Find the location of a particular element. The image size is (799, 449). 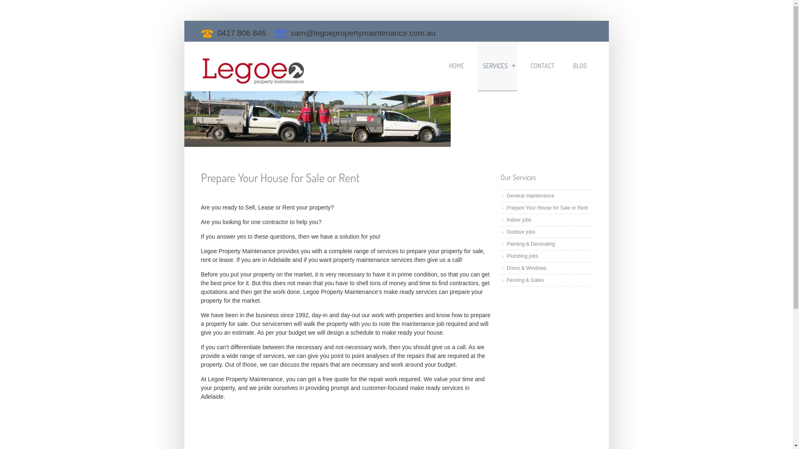

'SERVICES' is located at coordinates (497, 66).